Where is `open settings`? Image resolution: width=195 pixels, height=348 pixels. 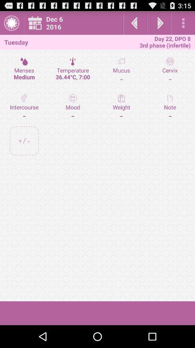 open settings is located at coordinates (183, 23).